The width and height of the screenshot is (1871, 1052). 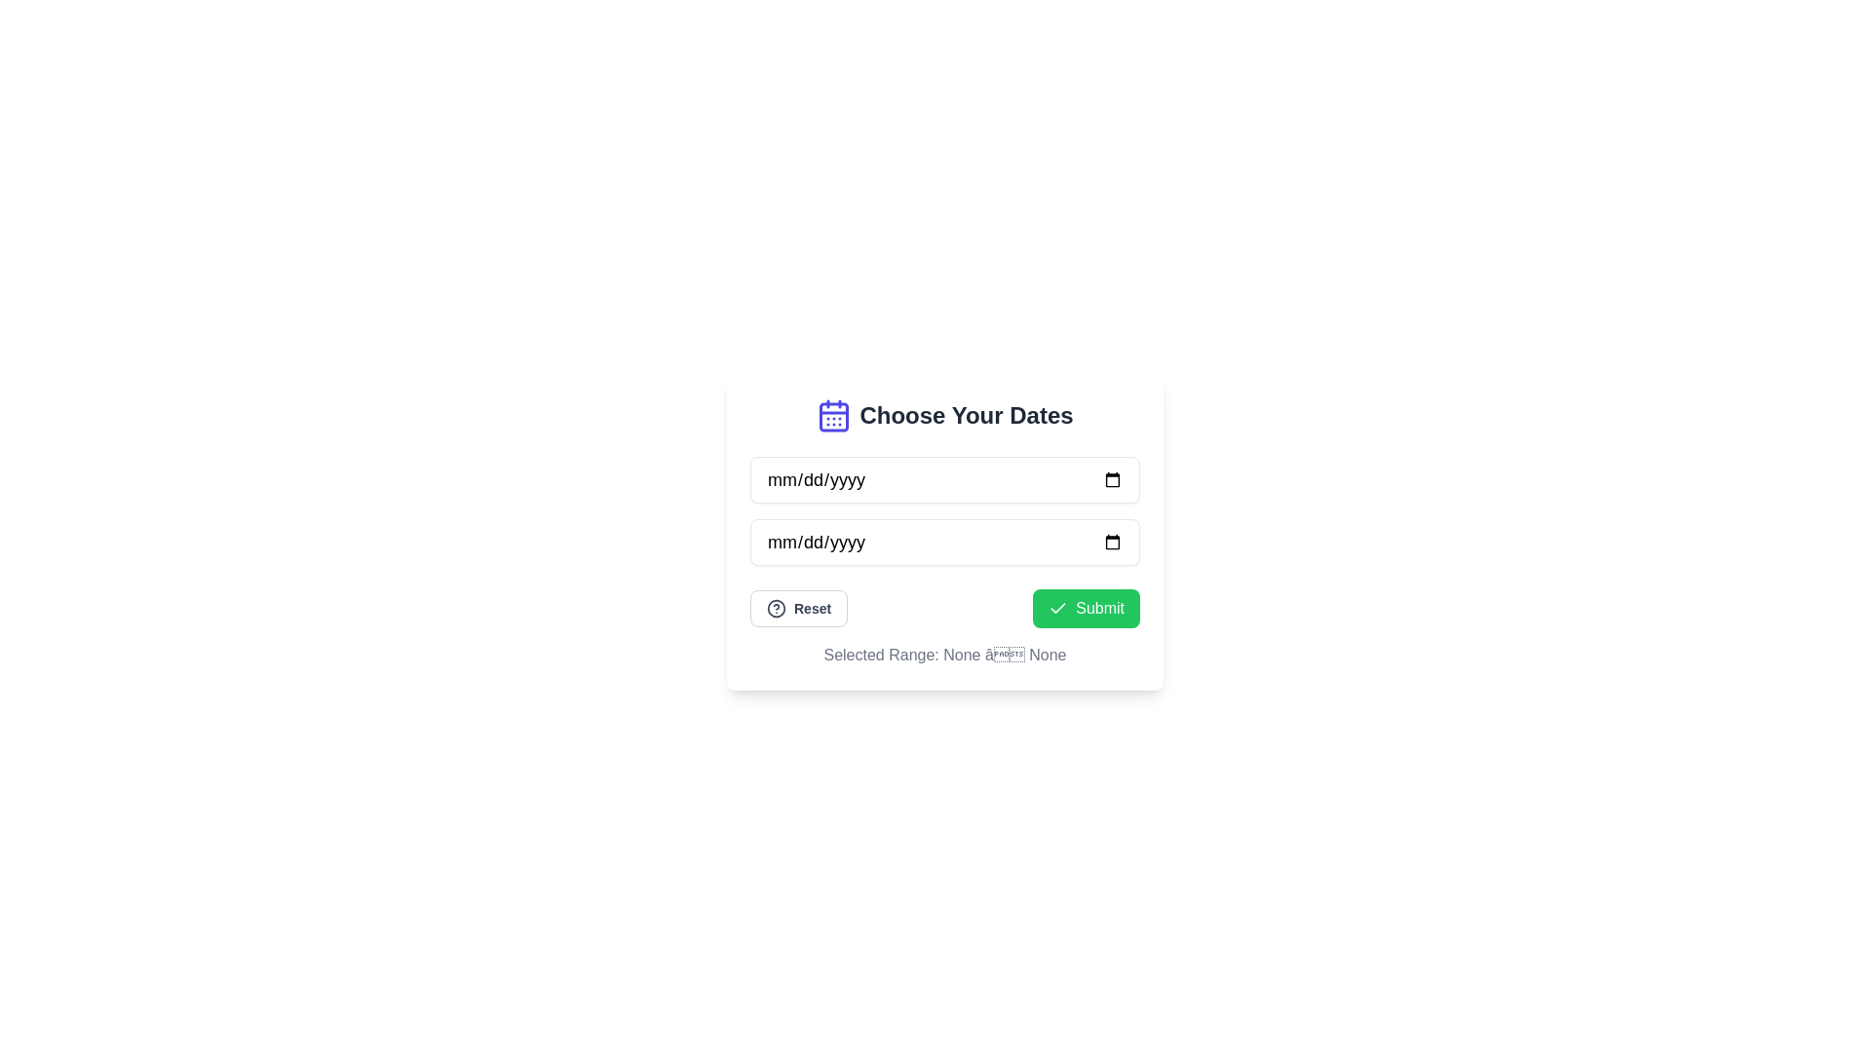 What do you see at coordinates (1057, 607) in the screenshot?
I see `the green-colored 'Submit' button located at the bottom right of the card interface, which contains the checkmark icon styled with SVG format` at bounding box center [1057, 607].